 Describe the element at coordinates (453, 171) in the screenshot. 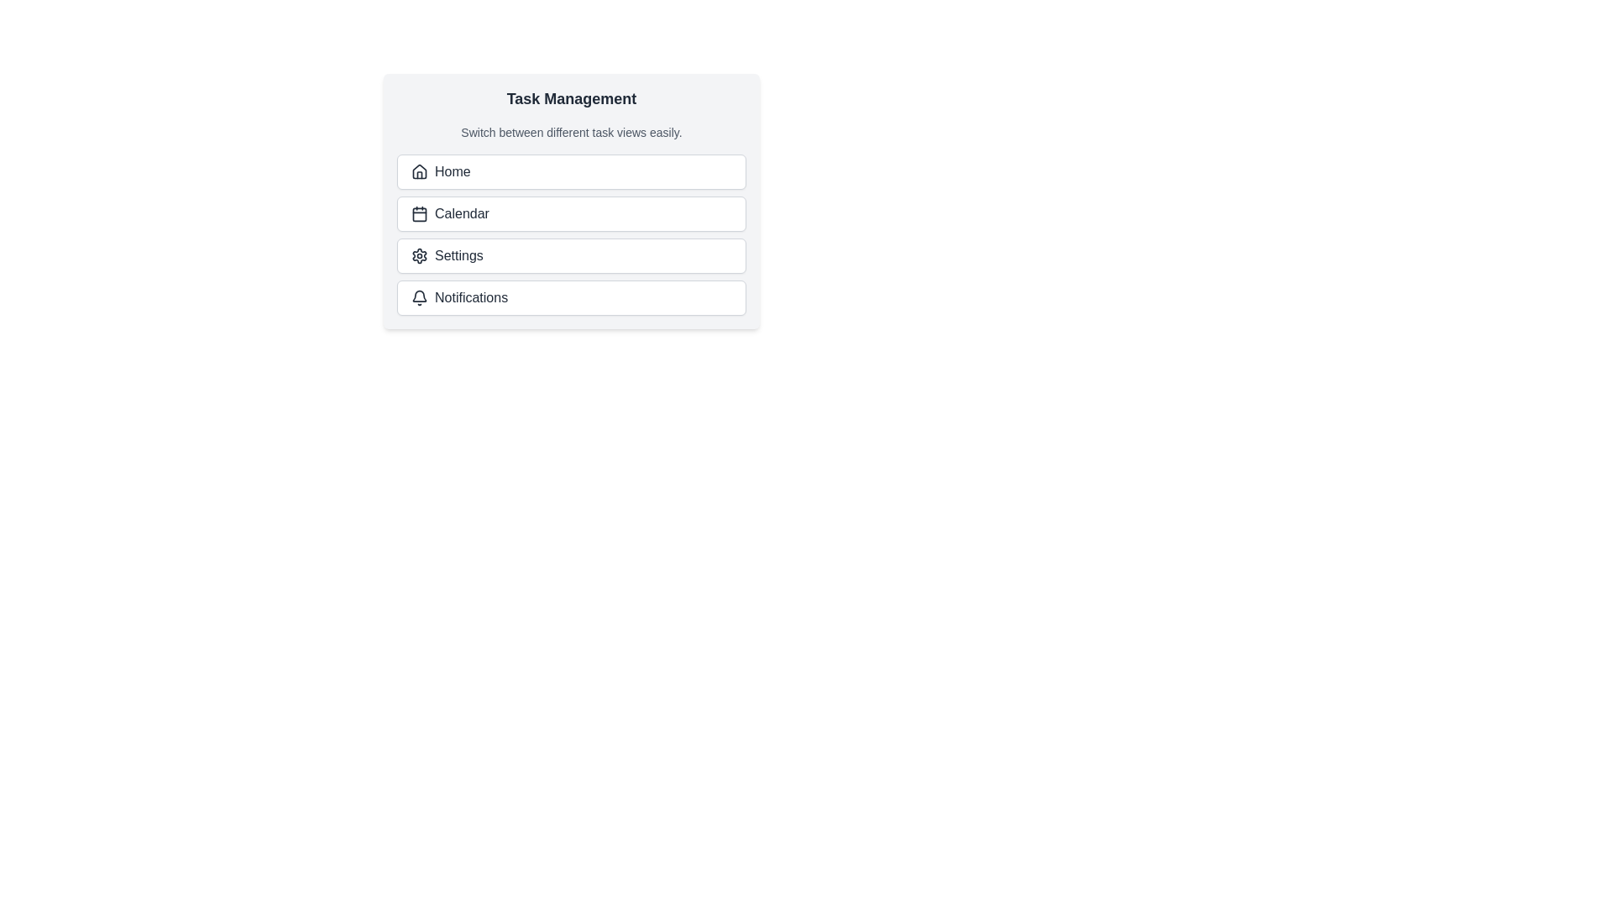

I see `text label displaying 'Home' located to the right of the house icon in the navigation options list` at that location.